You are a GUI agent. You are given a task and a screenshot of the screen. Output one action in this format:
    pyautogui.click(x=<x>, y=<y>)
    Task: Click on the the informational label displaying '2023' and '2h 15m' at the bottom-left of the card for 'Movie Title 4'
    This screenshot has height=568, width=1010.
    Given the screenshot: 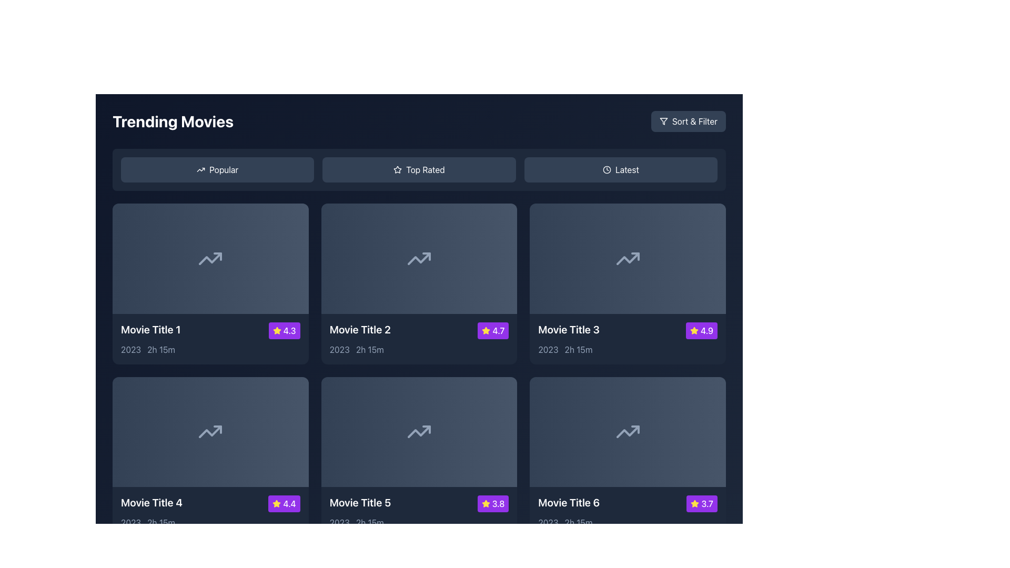 What is the action you would take?
    pyautogui.click(x=210, y=523)
    